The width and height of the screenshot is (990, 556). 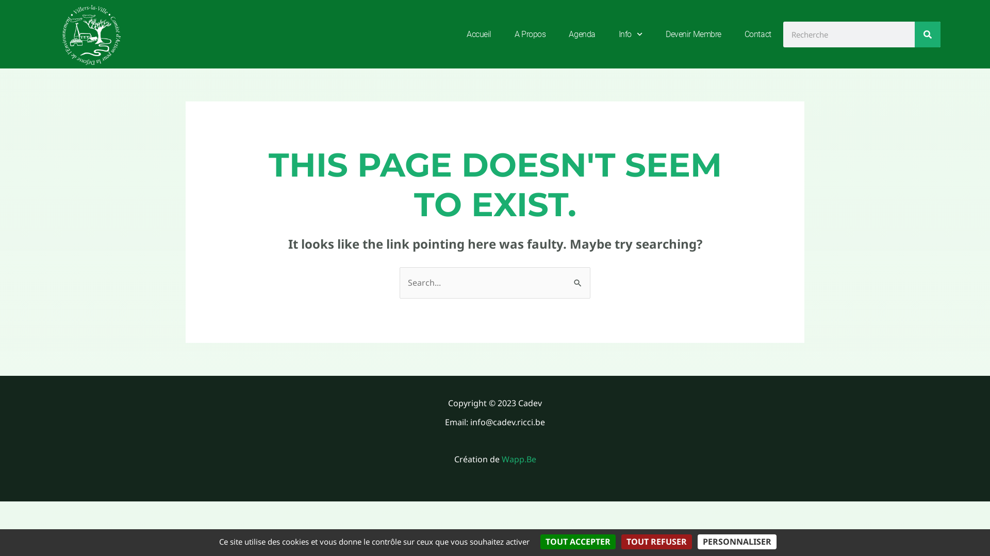 What do you see at coordinates (630, 33) in the screenshot?
I see `'Info'` at bounding box center [630, 33].